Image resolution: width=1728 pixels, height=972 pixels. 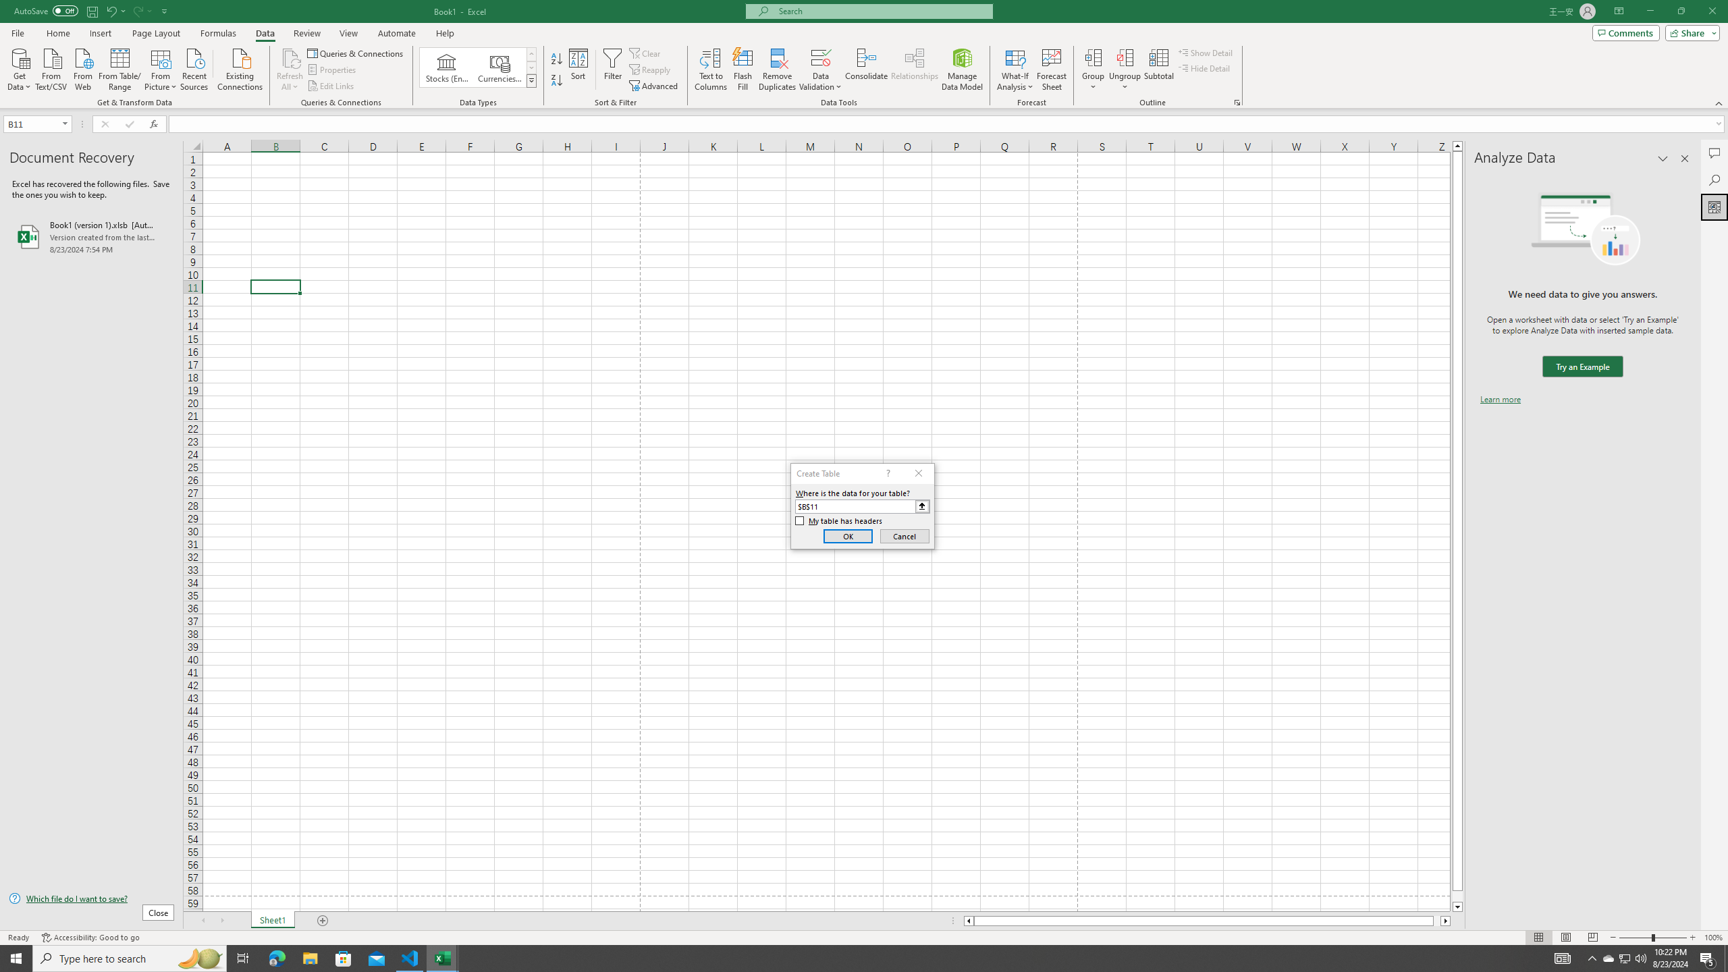 What do you see at coordinates (306, 33) in the screenshot?
I see `'Review'` at bounding box center [306, 33].